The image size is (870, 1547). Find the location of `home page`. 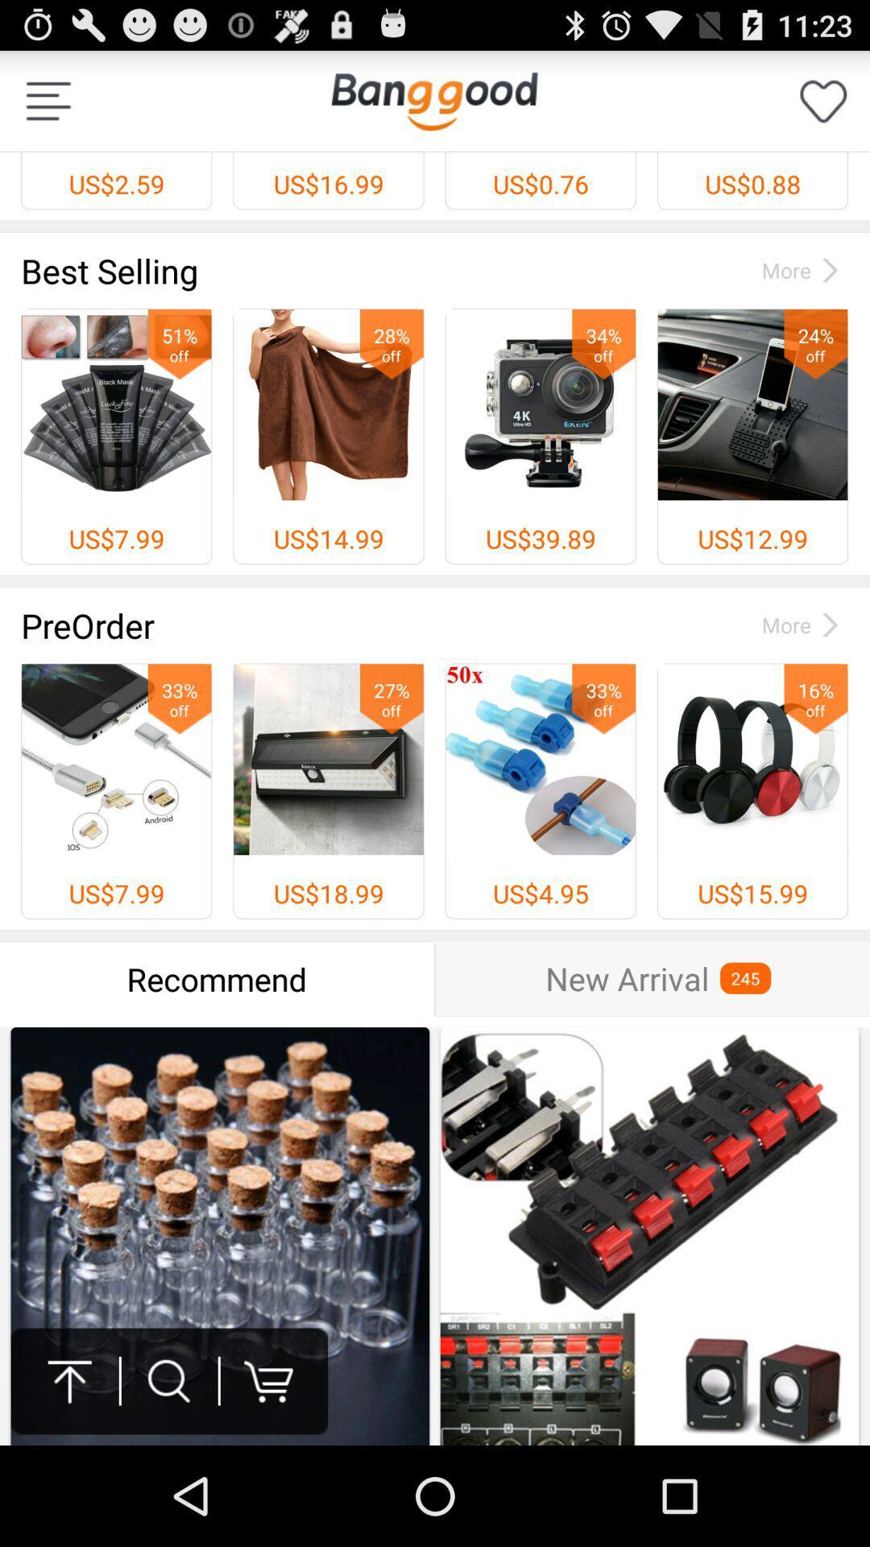

home page is located at coordinates (433, 100).